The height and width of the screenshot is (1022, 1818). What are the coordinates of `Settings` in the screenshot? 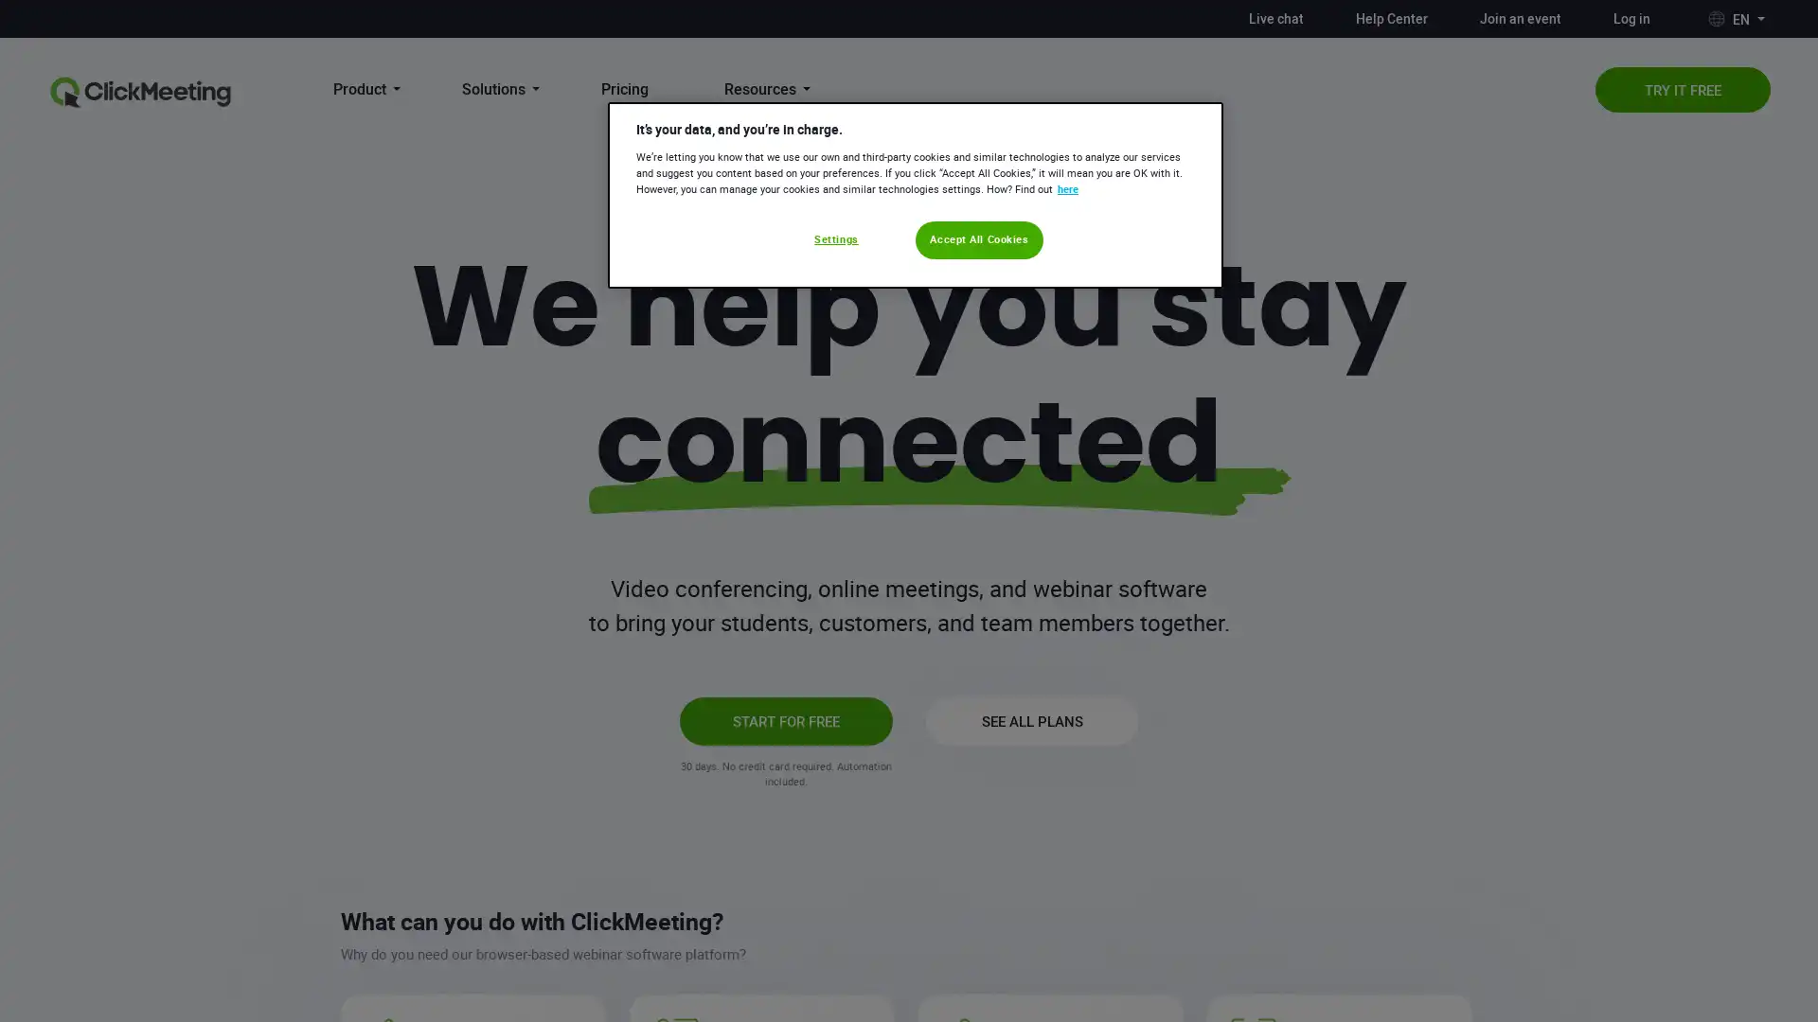 It's located at (835, 238).